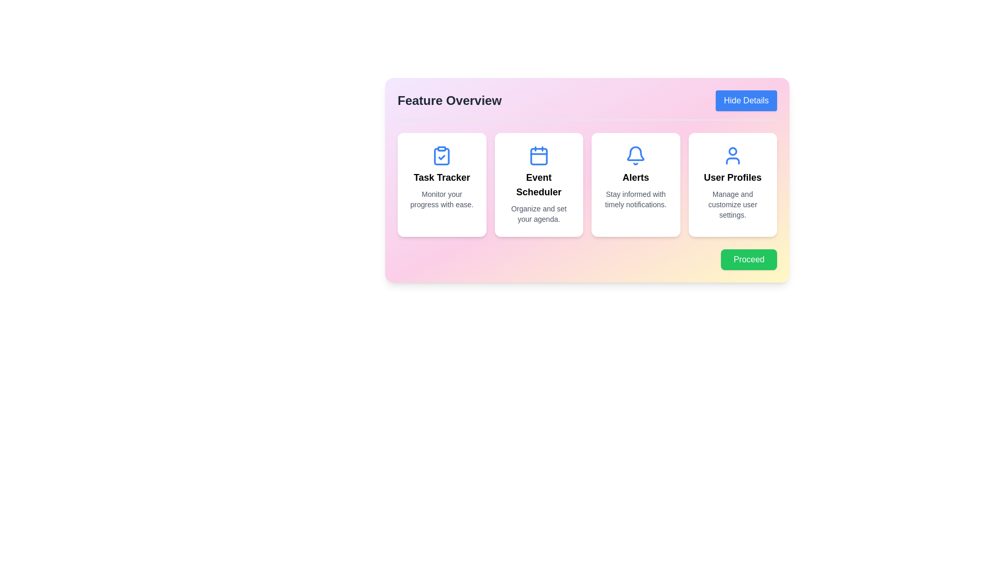 The height and width of the screenshot is (561, 998). I want to click on the SVG rectangle that is part of the blue-outlined calendar icon in the 'Event Scheduler' card, located in the second position from the left in the feature overview section, so click(539, 156).